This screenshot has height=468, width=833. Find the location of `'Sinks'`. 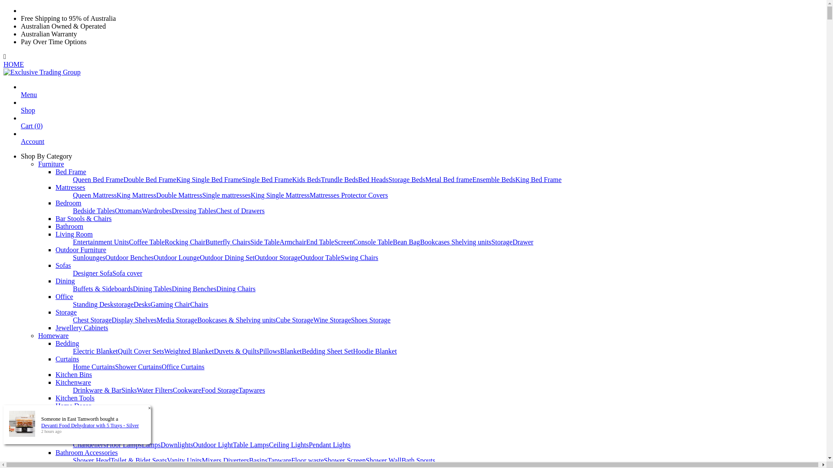

'Sinks' is located at coordinates (121, 390).